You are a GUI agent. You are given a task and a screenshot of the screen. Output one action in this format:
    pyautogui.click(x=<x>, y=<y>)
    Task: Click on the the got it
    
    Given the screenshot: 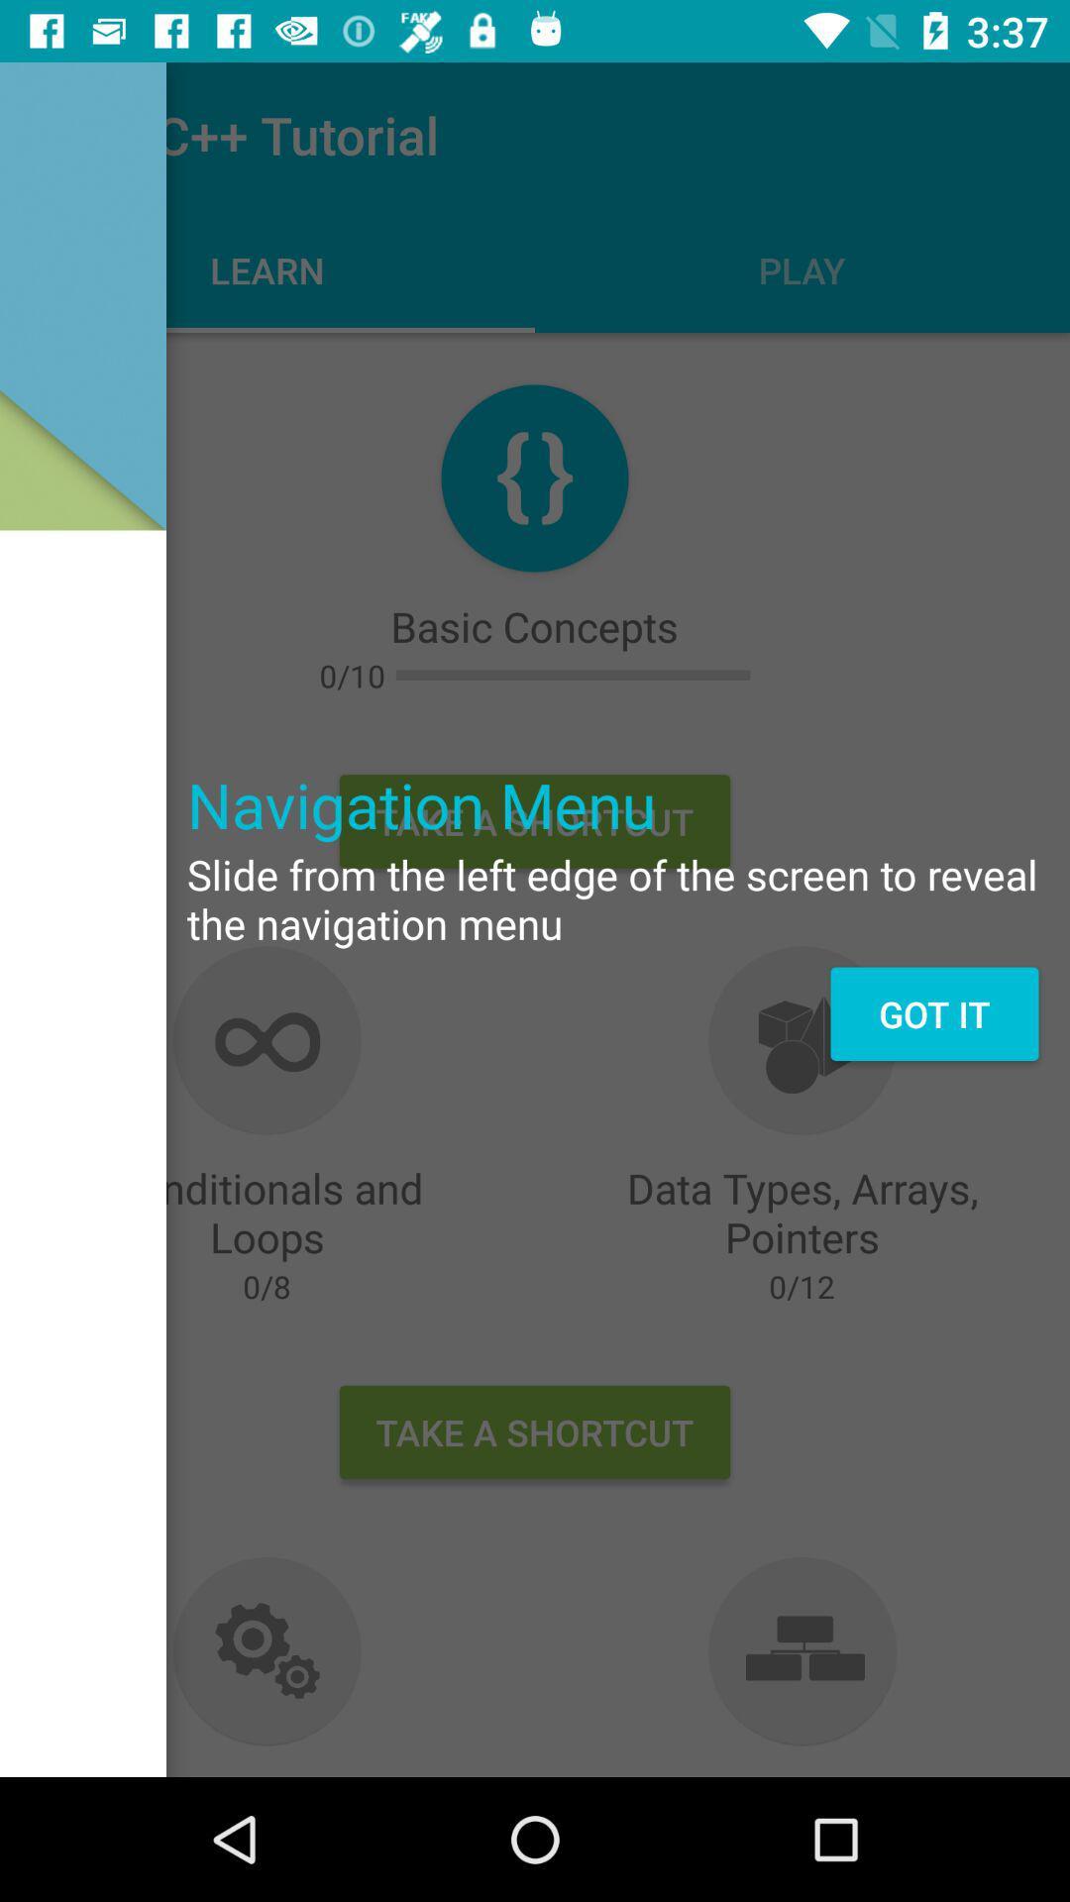 What is the action you would take?
    pyautogui.click(x=934, y=1013)
    